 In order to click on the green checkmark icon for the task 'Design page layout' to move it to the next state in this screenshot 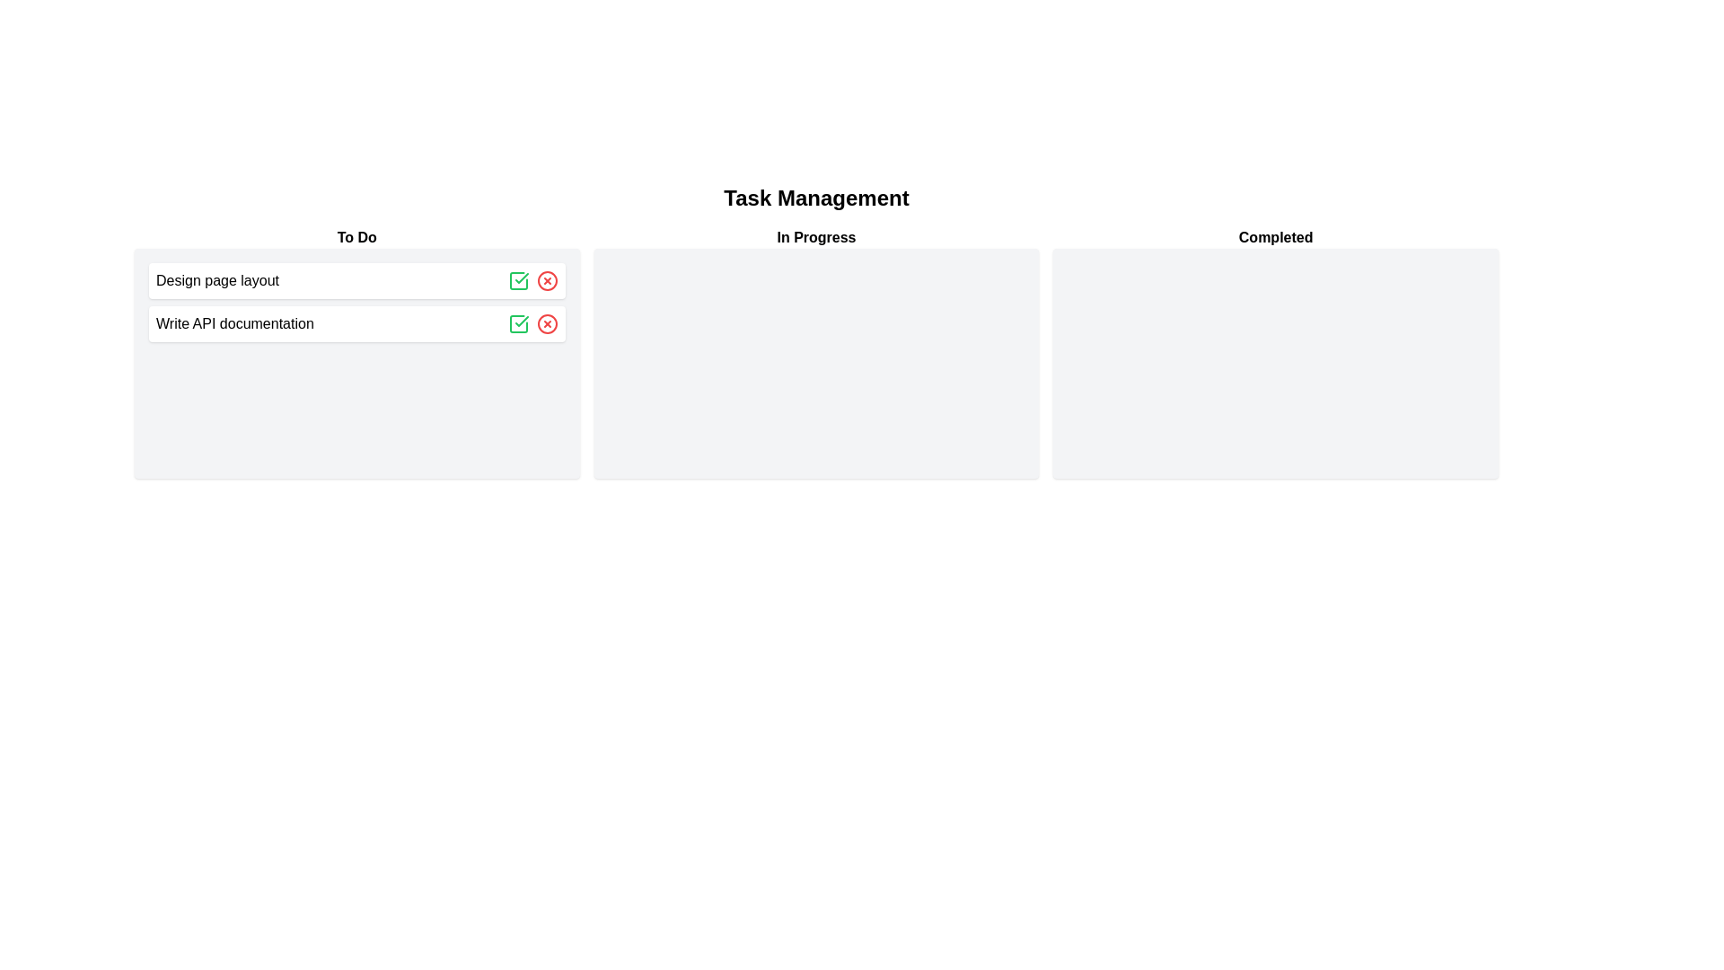, I will do `click(517, 280)`.